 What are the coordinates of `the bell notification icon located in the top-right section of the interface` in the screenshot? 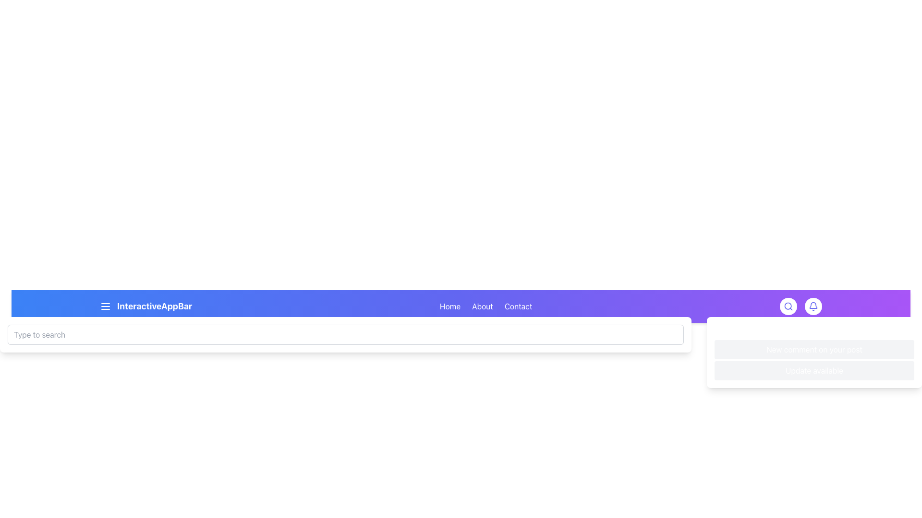 It's located at (813, 305).